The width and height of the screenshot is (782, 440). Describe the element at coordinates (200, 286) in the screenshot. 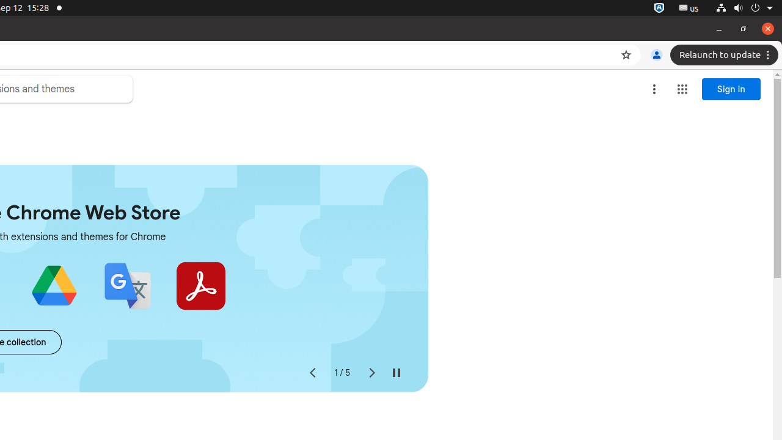

I see `'Adobe Acrobat: PDF edit, convert, sign tools'` at that location.